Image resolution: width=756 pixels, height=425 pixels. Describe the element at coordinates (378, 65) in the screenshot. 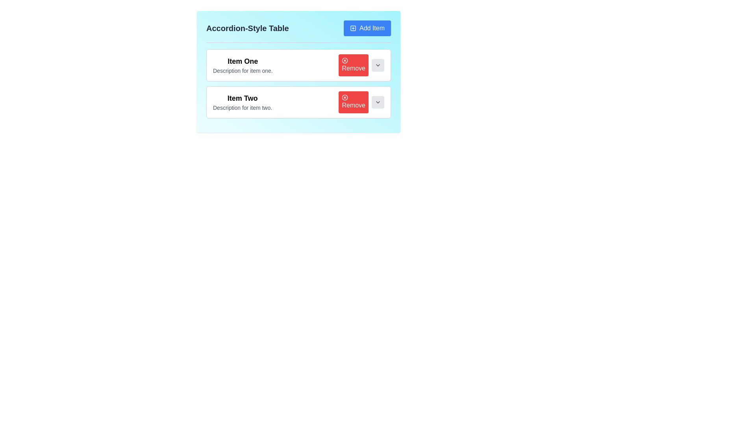

I see `the Dropdown toggle button with a downward-pointing chevron icon, located to the immediate right of the red 'Remove' button in the second row of the accordion-style table` at that location.